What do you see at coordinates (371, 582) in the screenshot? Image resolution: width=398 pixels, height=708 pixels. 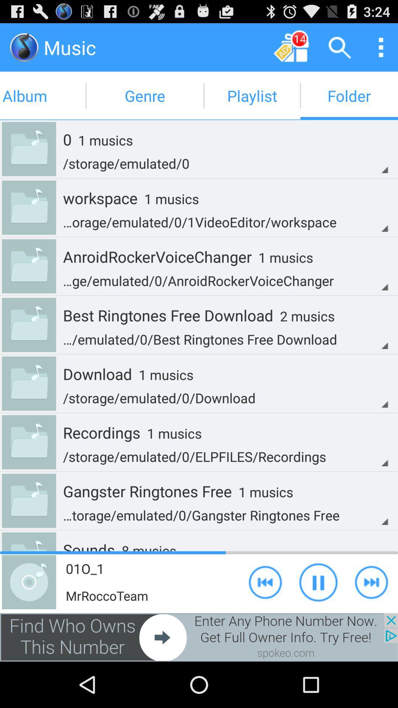 I see `skip to next` at bounding box center [371, 582].